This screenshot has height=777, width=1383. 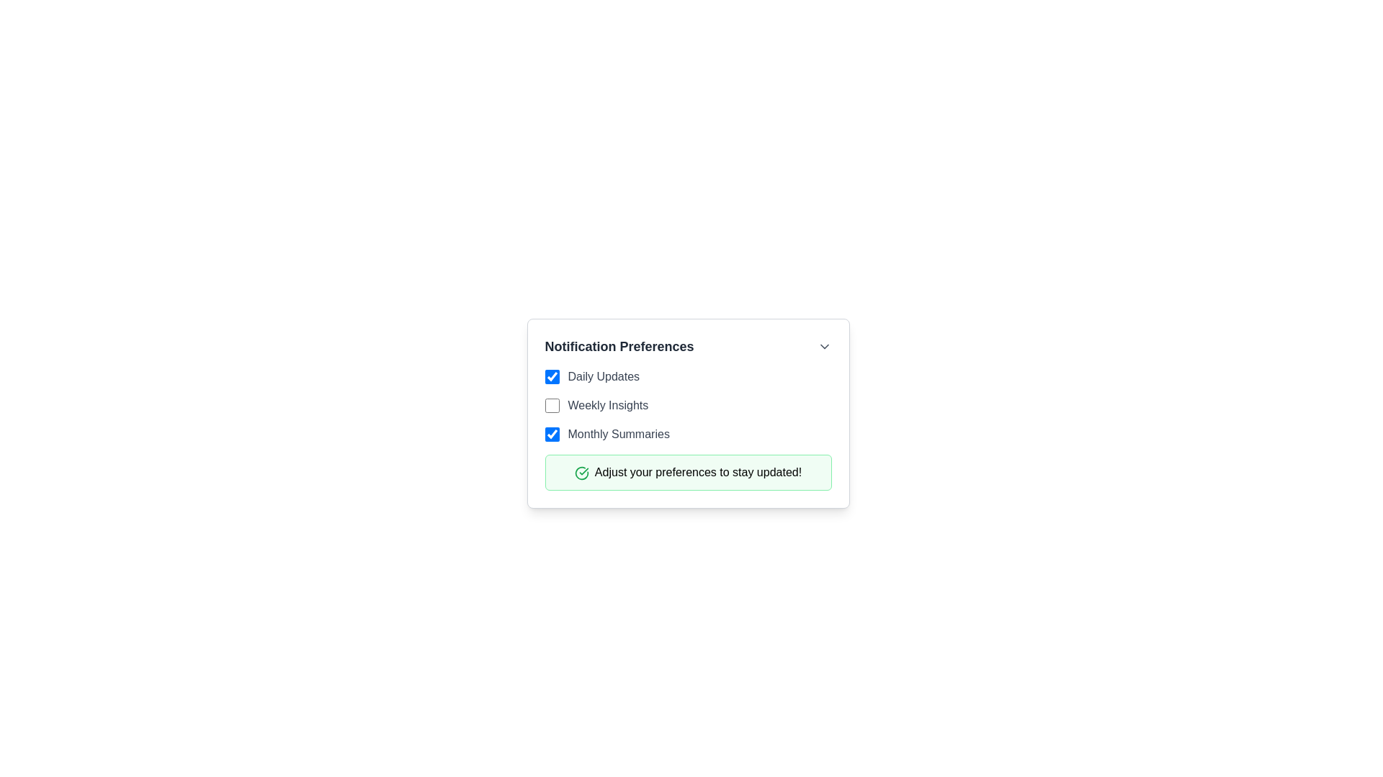 What do you see at coordinates (551, 405) in the screenshot?
I see `the blue checkbox to the left of the label 'Weekly Insights'` at bounding box center [551, 405].